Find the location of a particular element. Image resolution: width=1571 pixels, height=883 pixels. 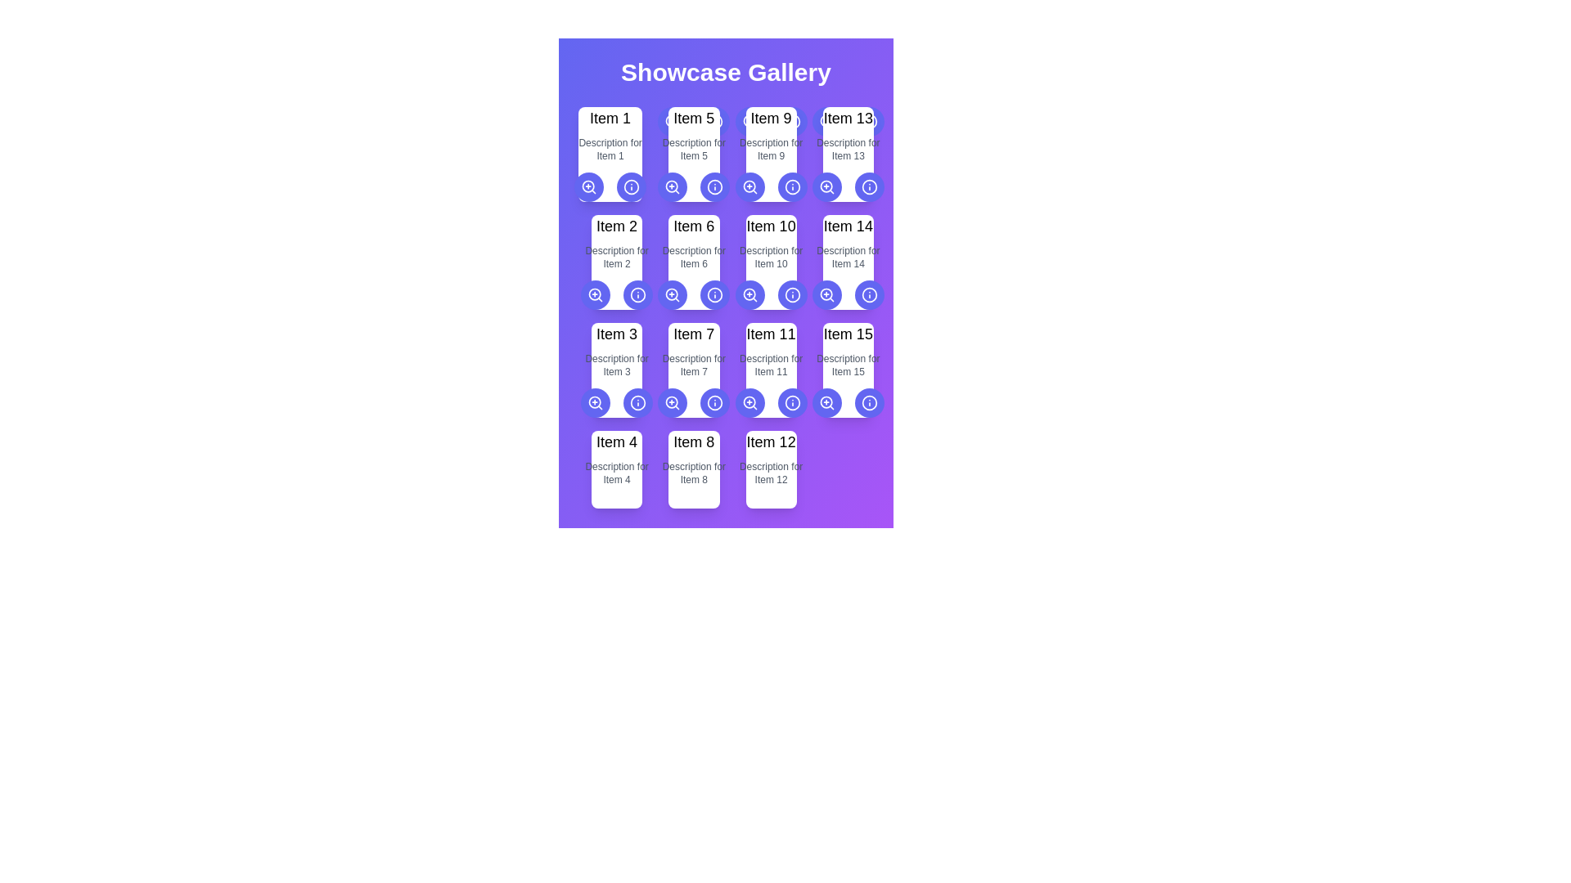

the circular graphical boundary of the information icon located in the top-right corner of the card labeled 'Item 13' is located at coordinates (868, 121).